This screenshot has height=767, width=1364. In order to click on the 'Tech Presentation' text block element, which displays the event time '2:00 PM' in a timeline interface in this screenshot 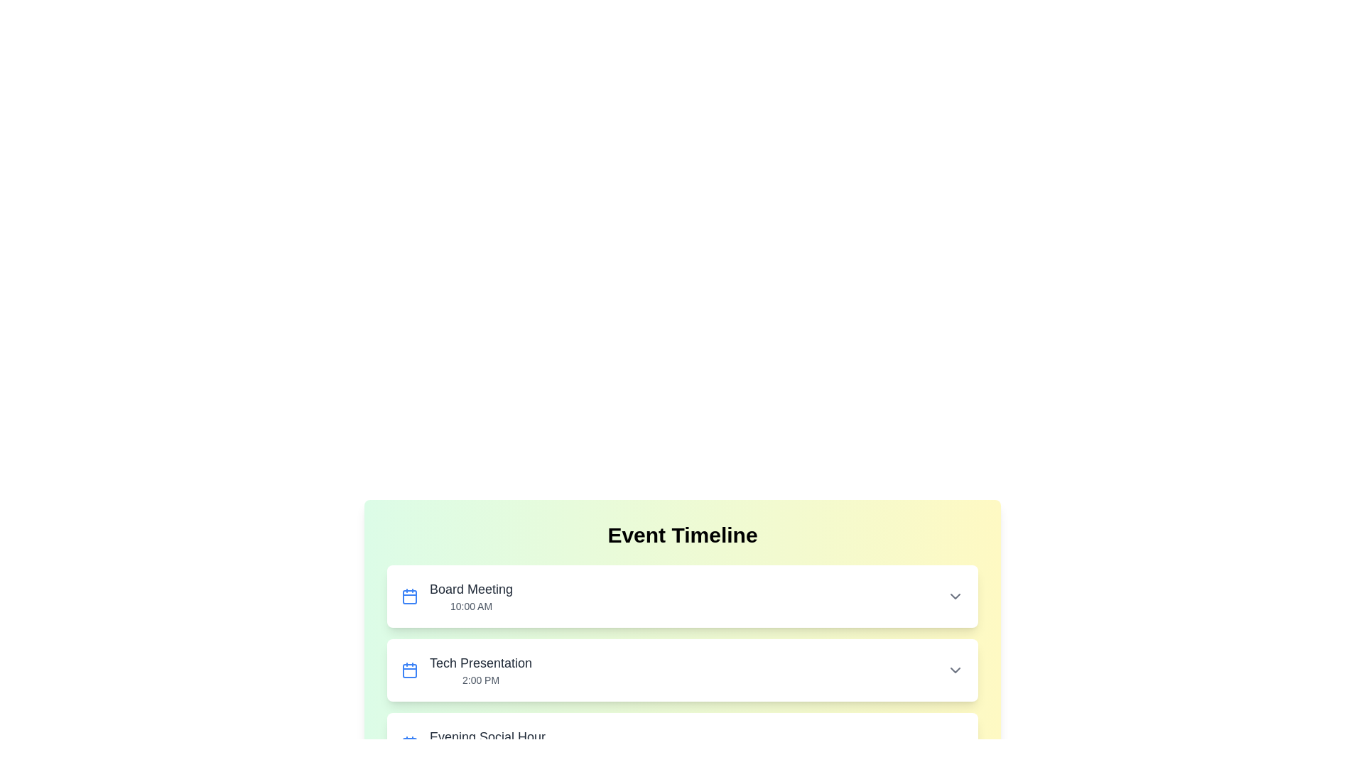, I will do `click(480, 670)`.